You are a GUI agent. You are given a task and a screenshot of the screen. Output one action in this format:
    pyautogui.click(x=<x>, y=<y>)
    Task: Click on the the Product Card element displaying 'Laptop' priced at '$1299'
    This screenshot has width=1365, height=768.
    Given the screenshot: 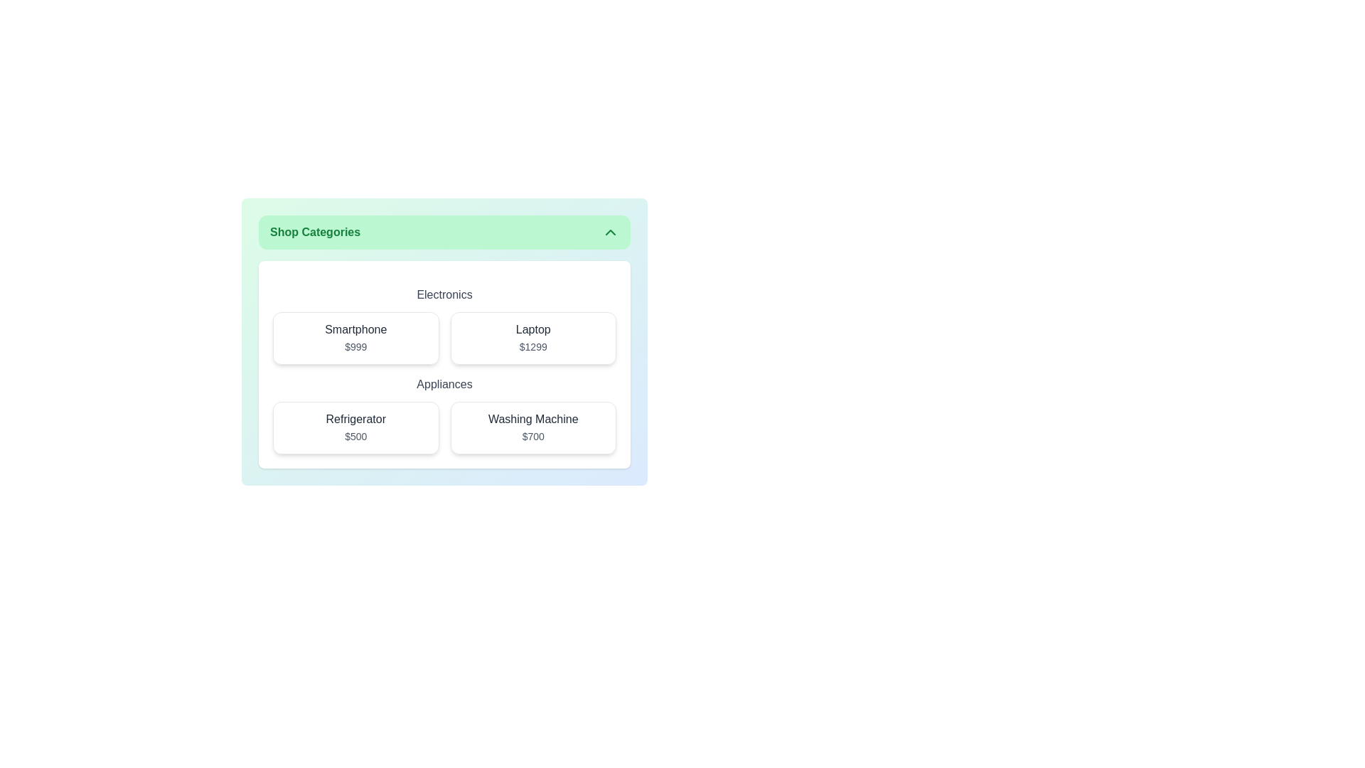 What is the action you would take?
    pyautogui.click(x=532, y=338)
    